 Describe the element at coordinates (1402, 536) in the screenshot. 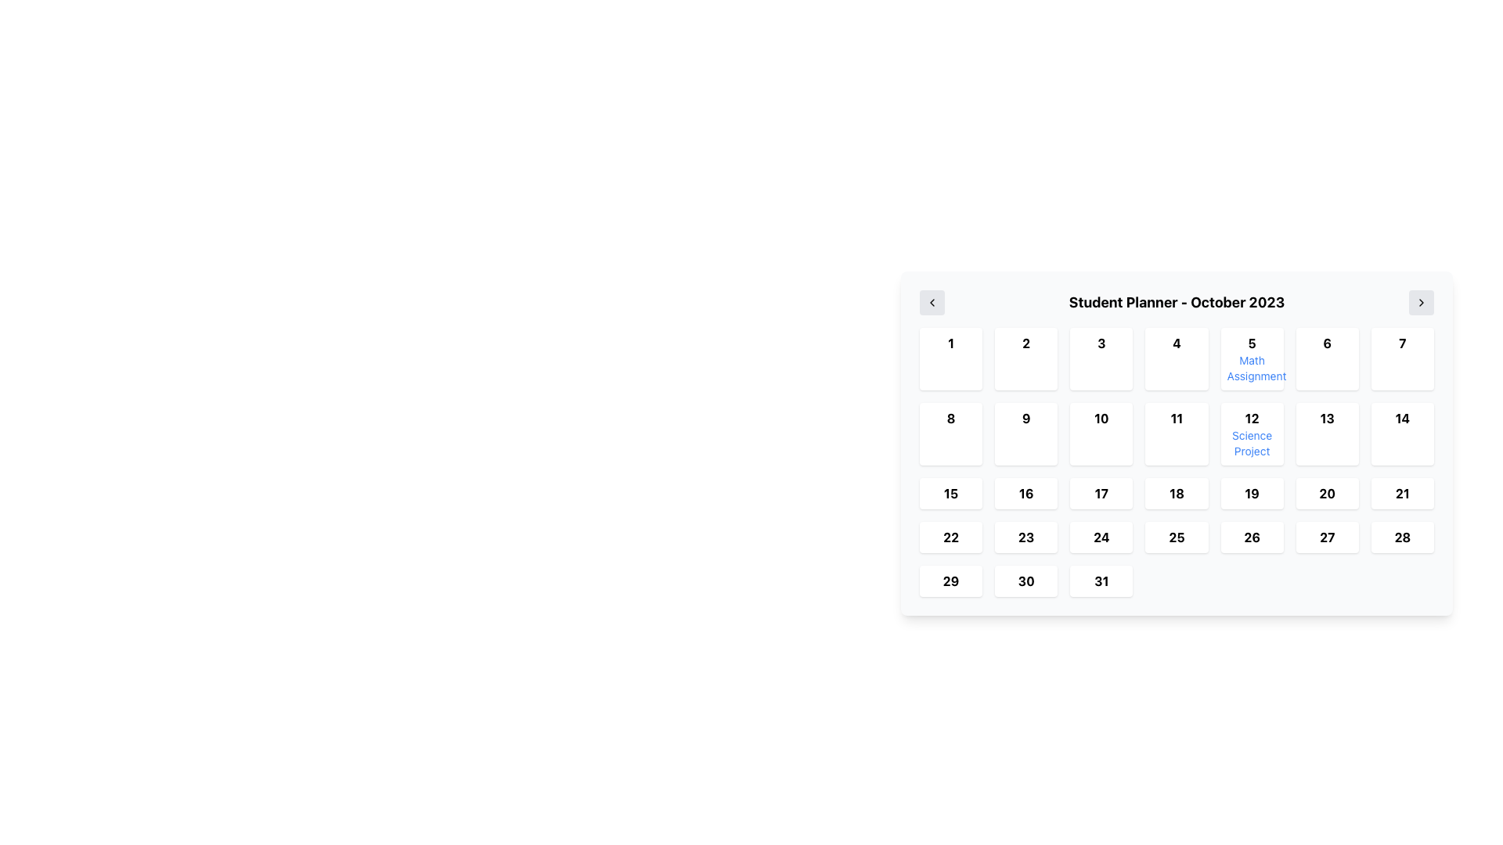

I see `the Date cell displaying '28' in the bottom right corner of the calendar grid` at that location.